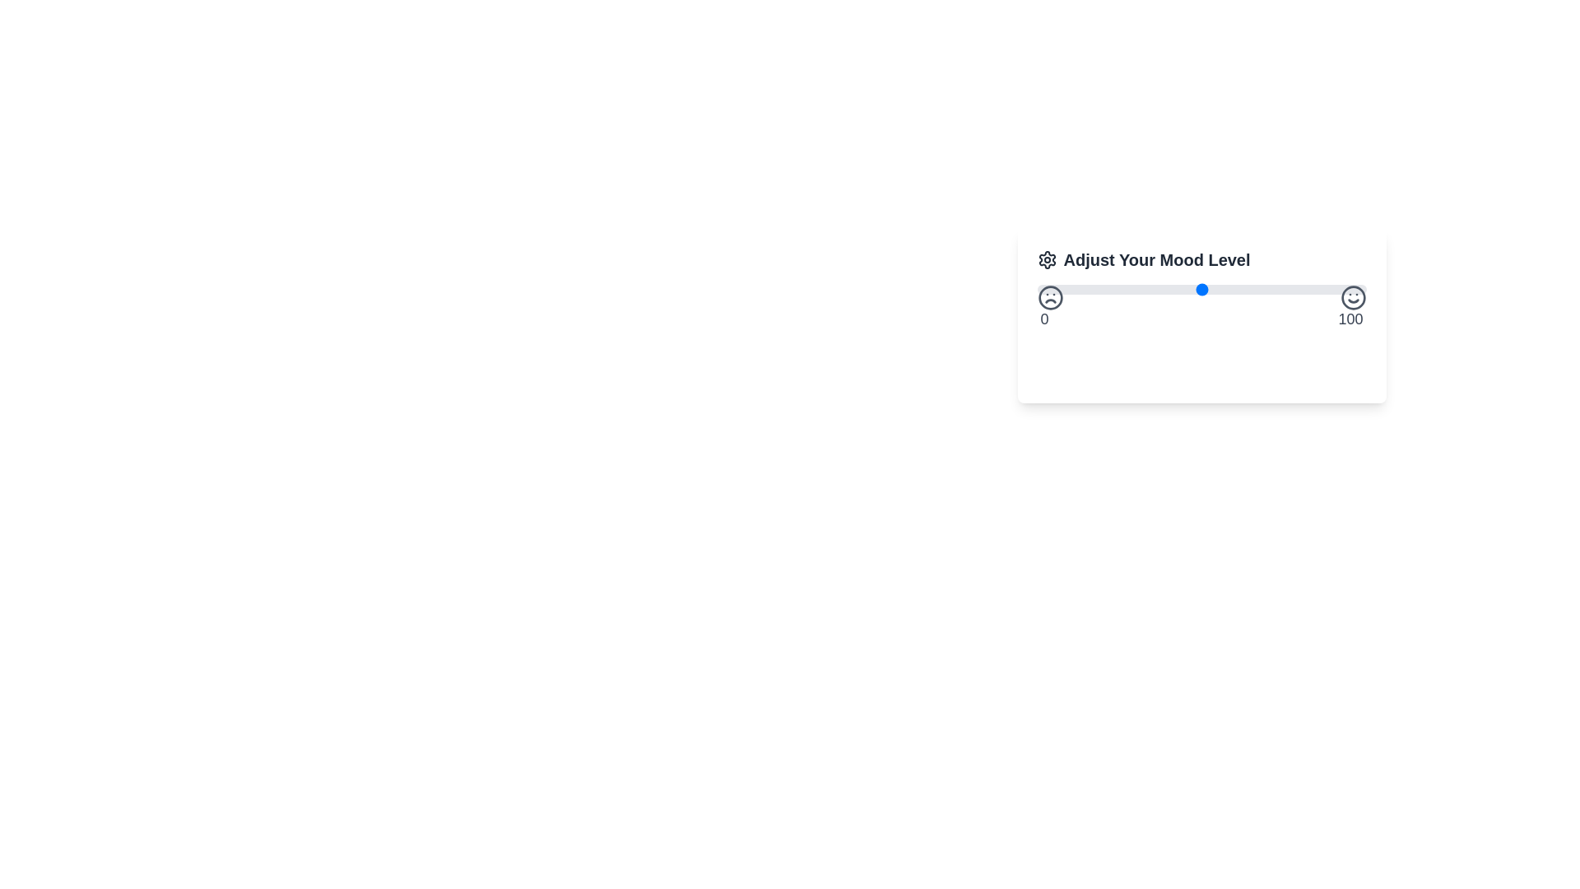 The height and width of the screenshot is (889, 1580). I want to click on the small, gray, circular icon depicting a sad face located on the leftmost side of the horizontal mood slider, adjacent to the numeric value '0', so click(1049, 298).